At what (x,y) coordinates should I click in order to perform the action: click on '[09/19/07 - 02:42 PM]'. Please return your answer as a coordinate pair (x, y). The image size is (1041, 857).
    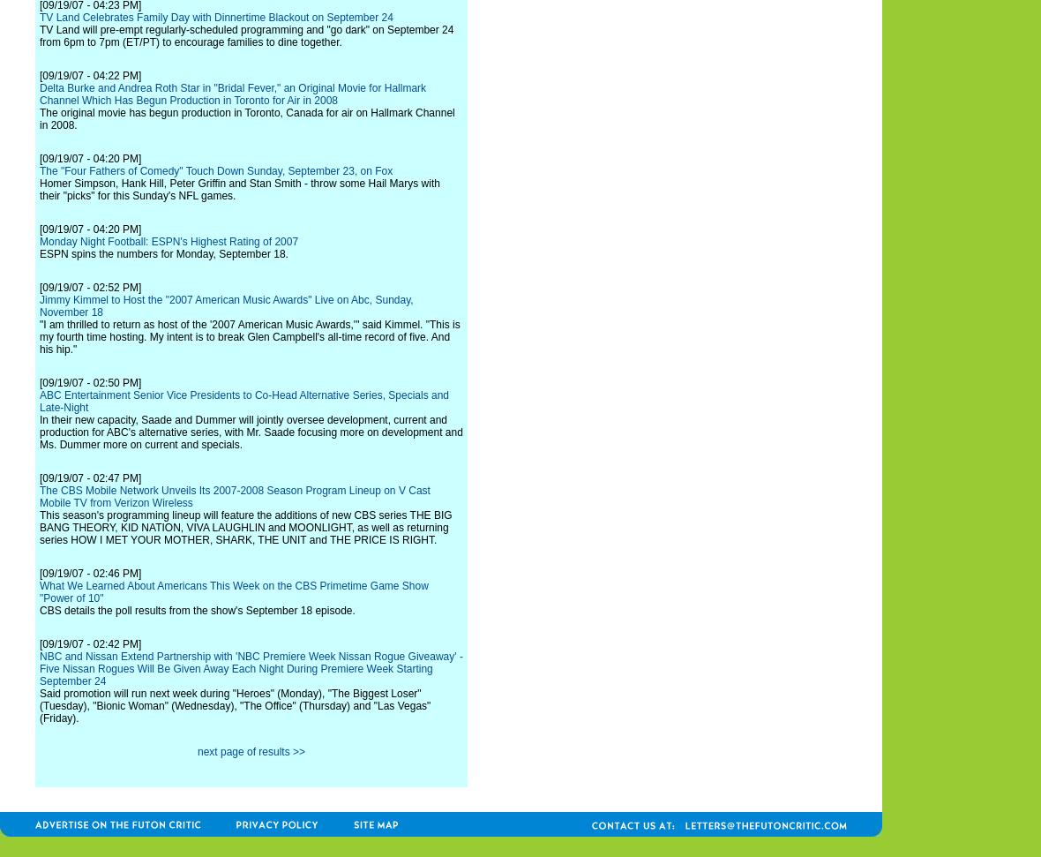
    Looking at the image, I should click on (38, 643).